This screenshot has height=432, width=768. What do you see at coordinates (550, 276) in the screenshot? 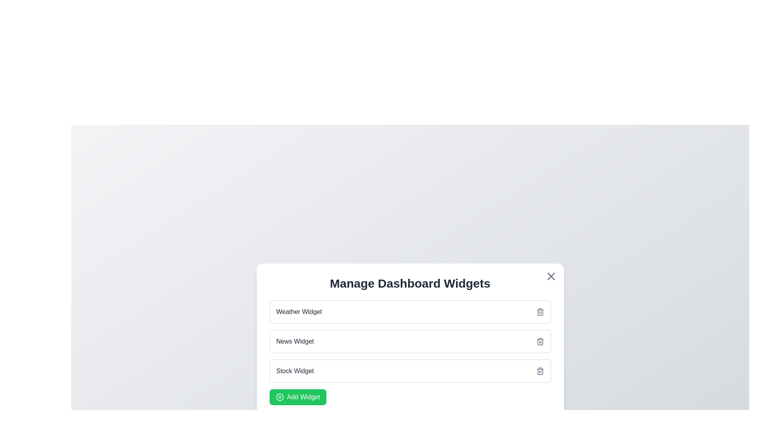
I see `the interactive element Close Button to observe any tooltip or effect` at bounding box center [550, 276].